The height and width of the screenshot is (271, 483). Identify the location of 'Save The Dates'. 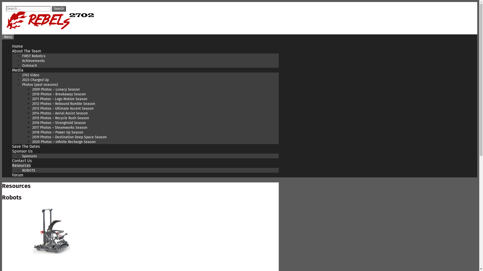
(25, 146).